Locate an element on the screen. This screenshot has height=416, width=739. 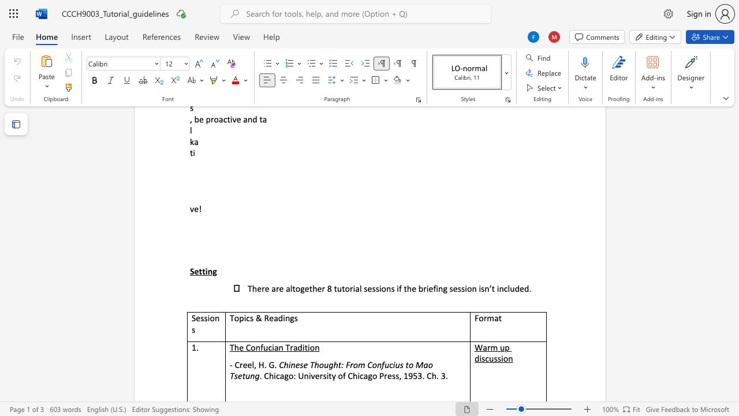
the 1th character "’" in the text is located at coordinates (490, 288).